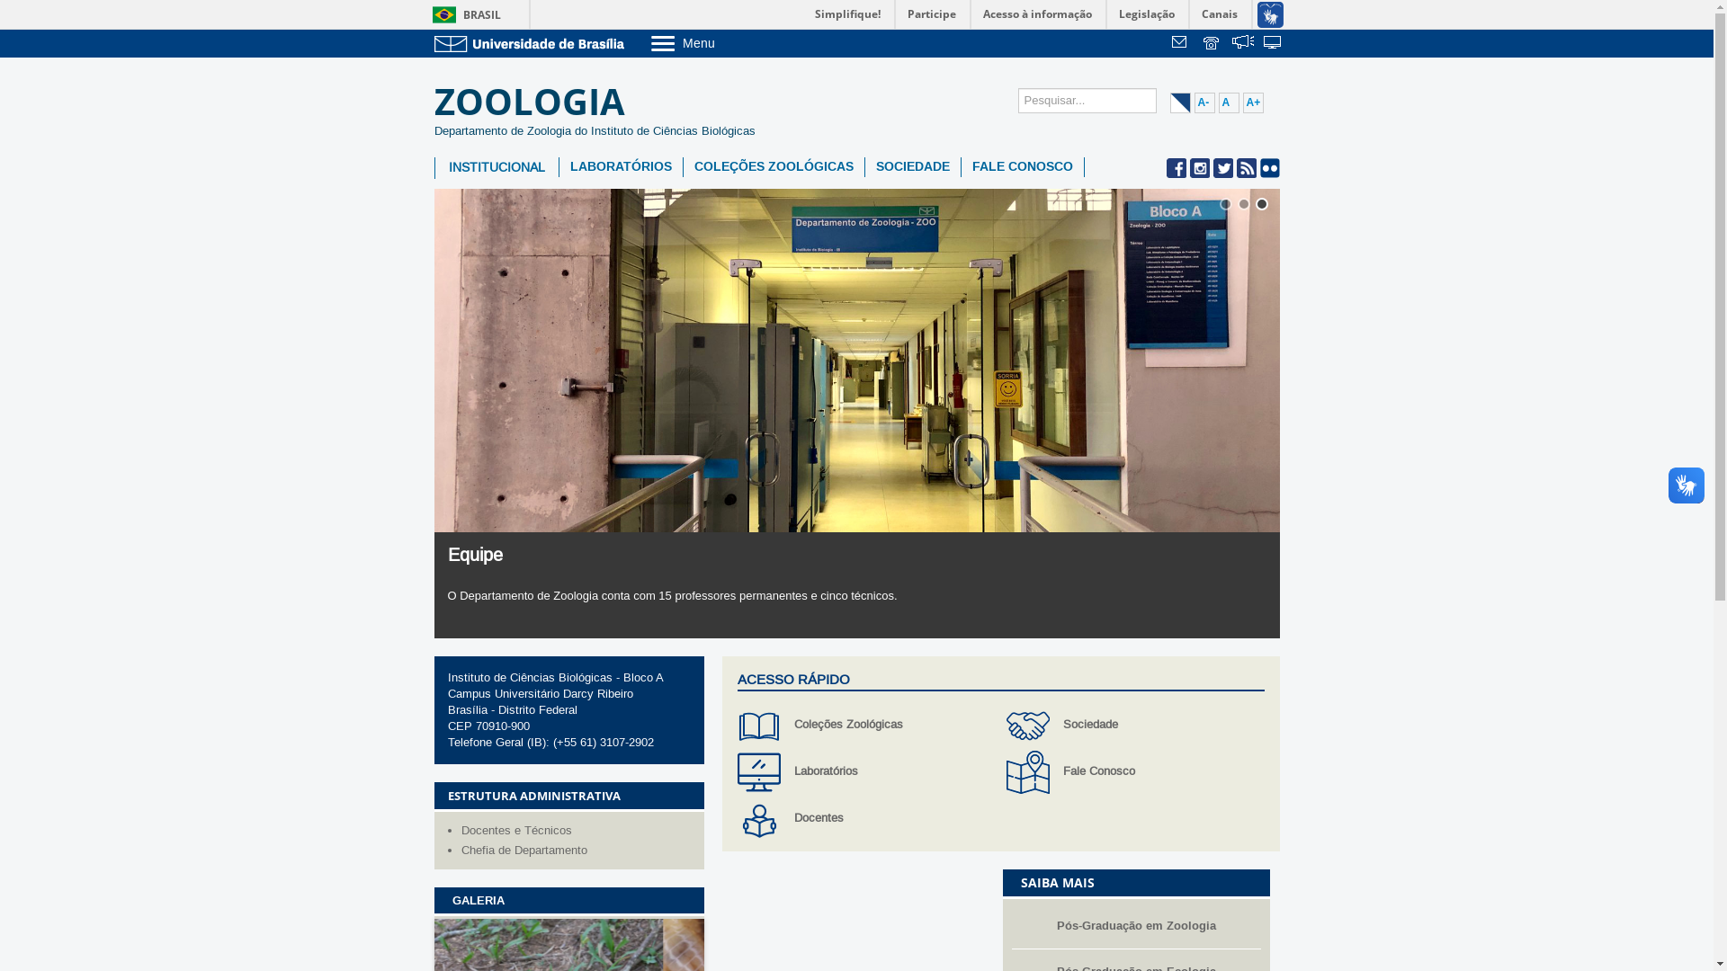 This screenshot has width=1727, height=971. I want to click on 'Menu', so click(728, 41).